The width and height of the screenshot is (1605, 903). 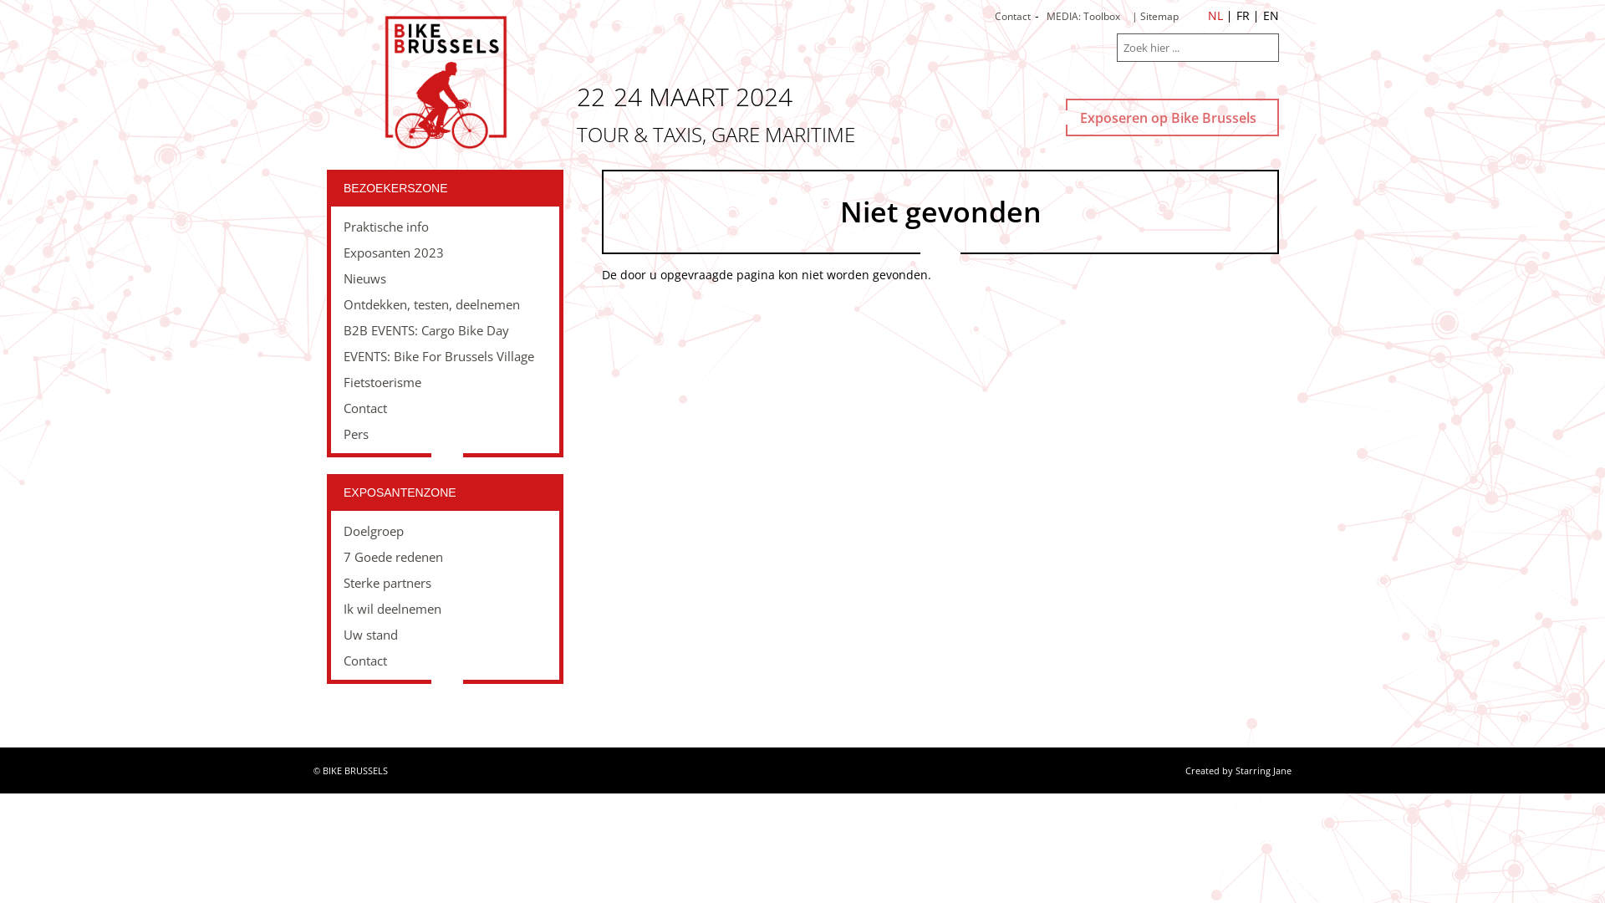 What do you see at coordinates (1127, 16) in the screenshot?
I see `'| Sitemap'` at bounding box center [1127, 16].